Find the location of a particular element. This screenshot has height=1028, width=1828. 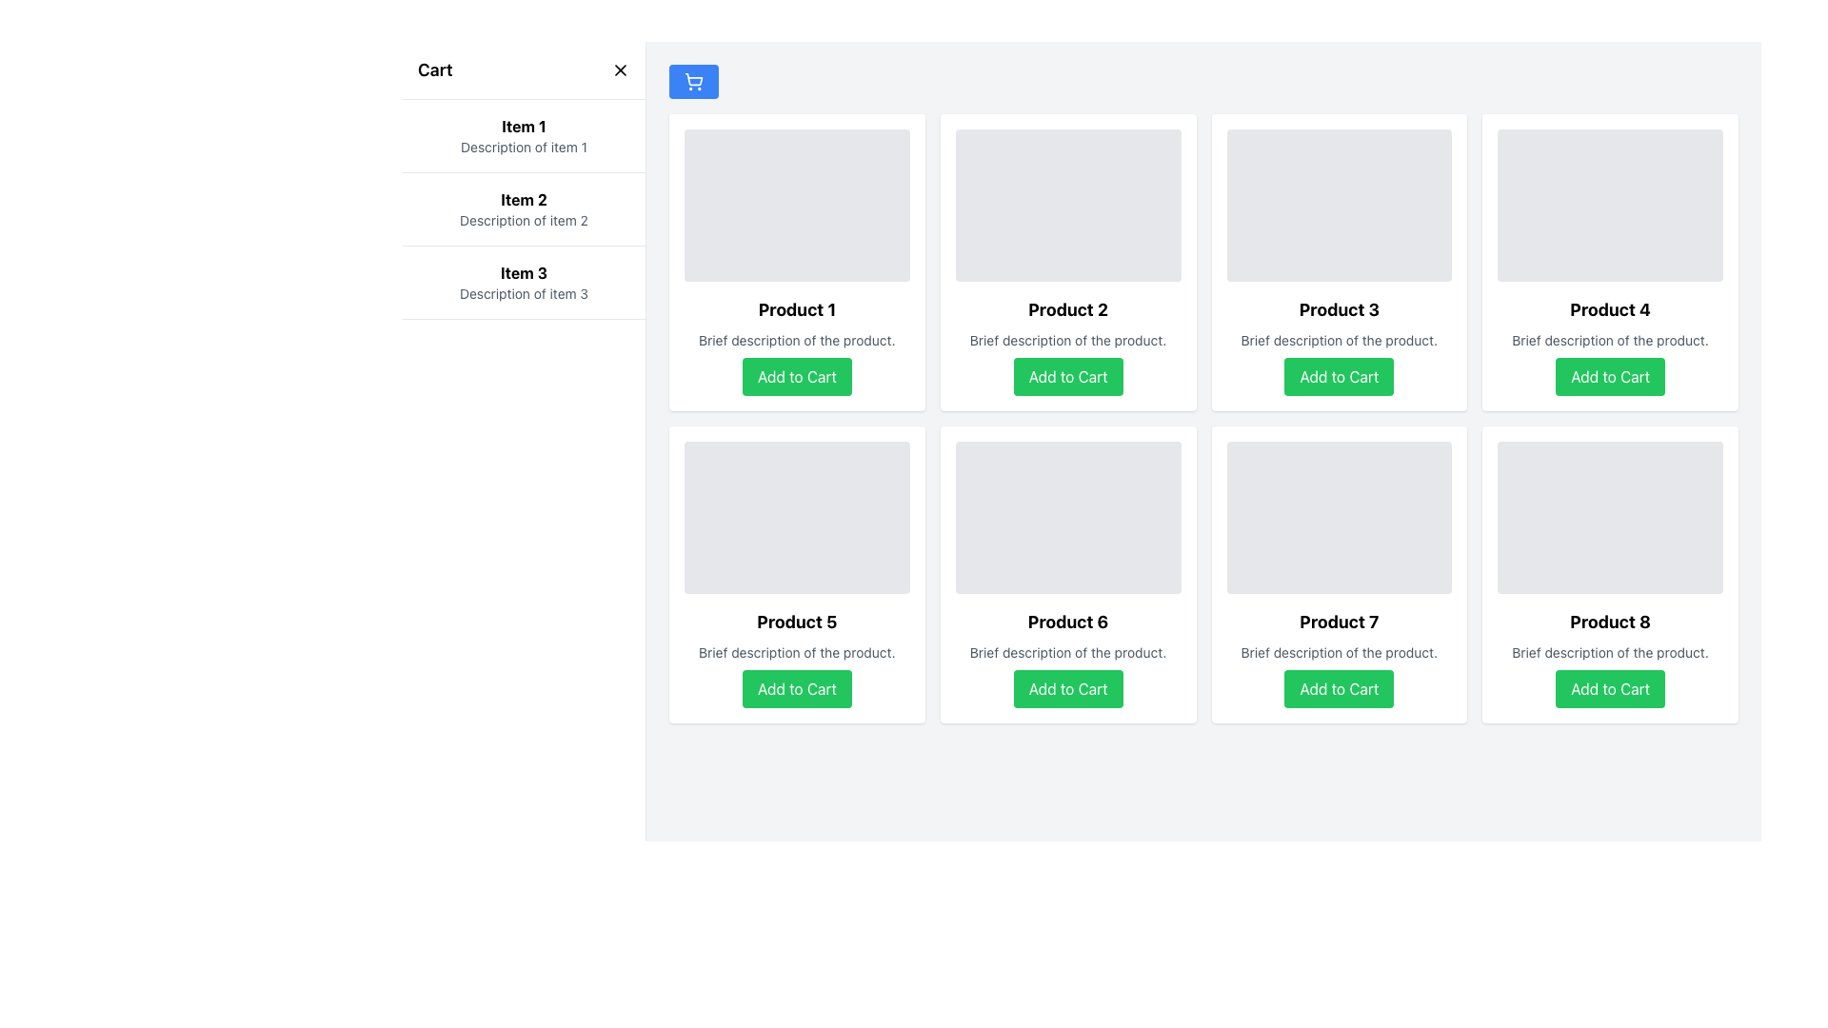

the Text Label that provides supplementary information about 'Item 2', which is located beneath the bold title 'Item 2' in the left sidebar is located at coordinates (524, 219).